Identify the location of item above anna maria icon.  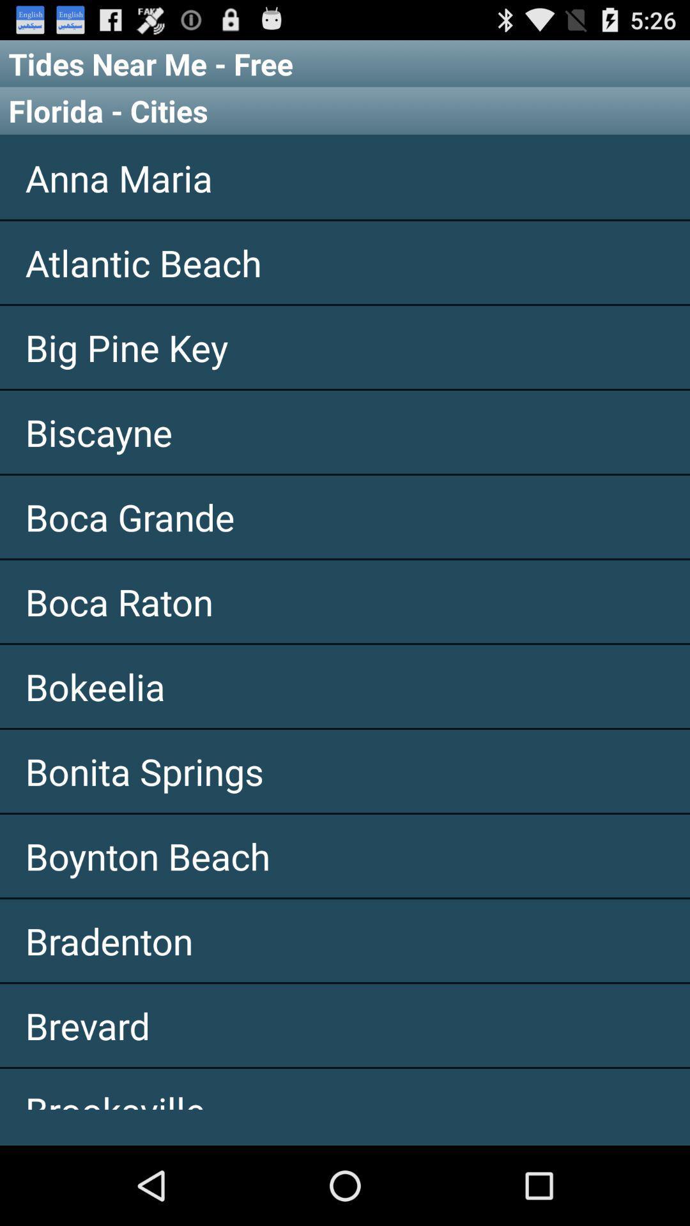
(345, 110).